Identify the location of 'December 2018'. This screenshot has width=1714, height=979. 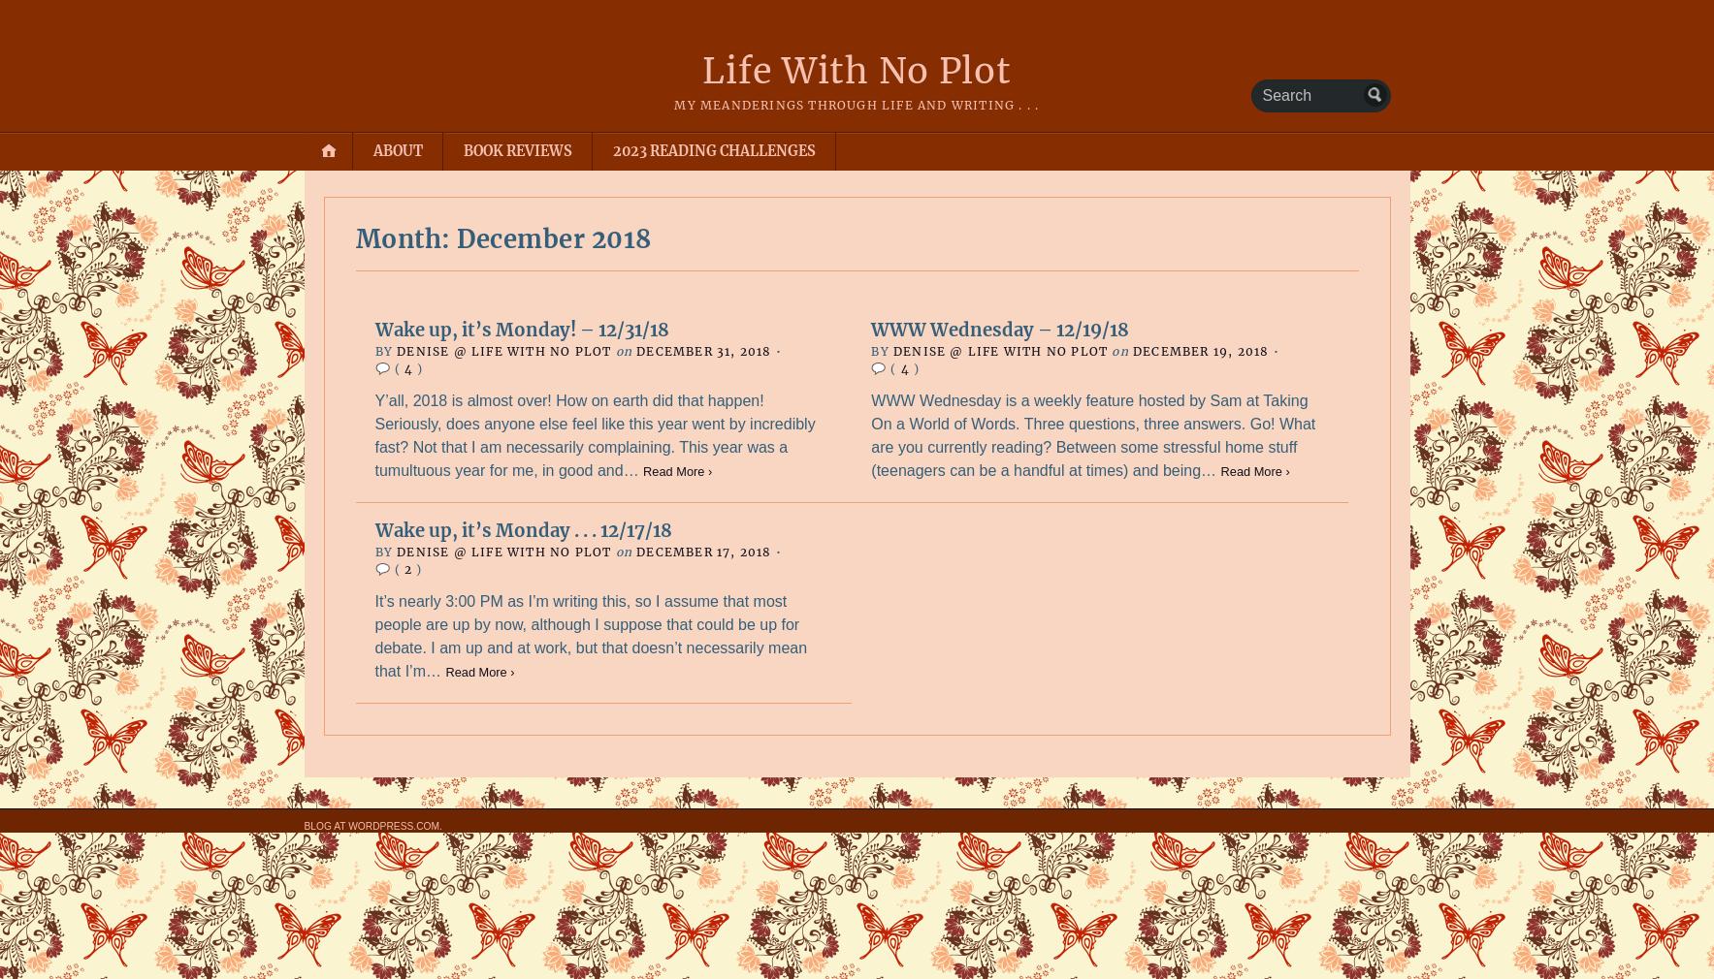
(457, 237).